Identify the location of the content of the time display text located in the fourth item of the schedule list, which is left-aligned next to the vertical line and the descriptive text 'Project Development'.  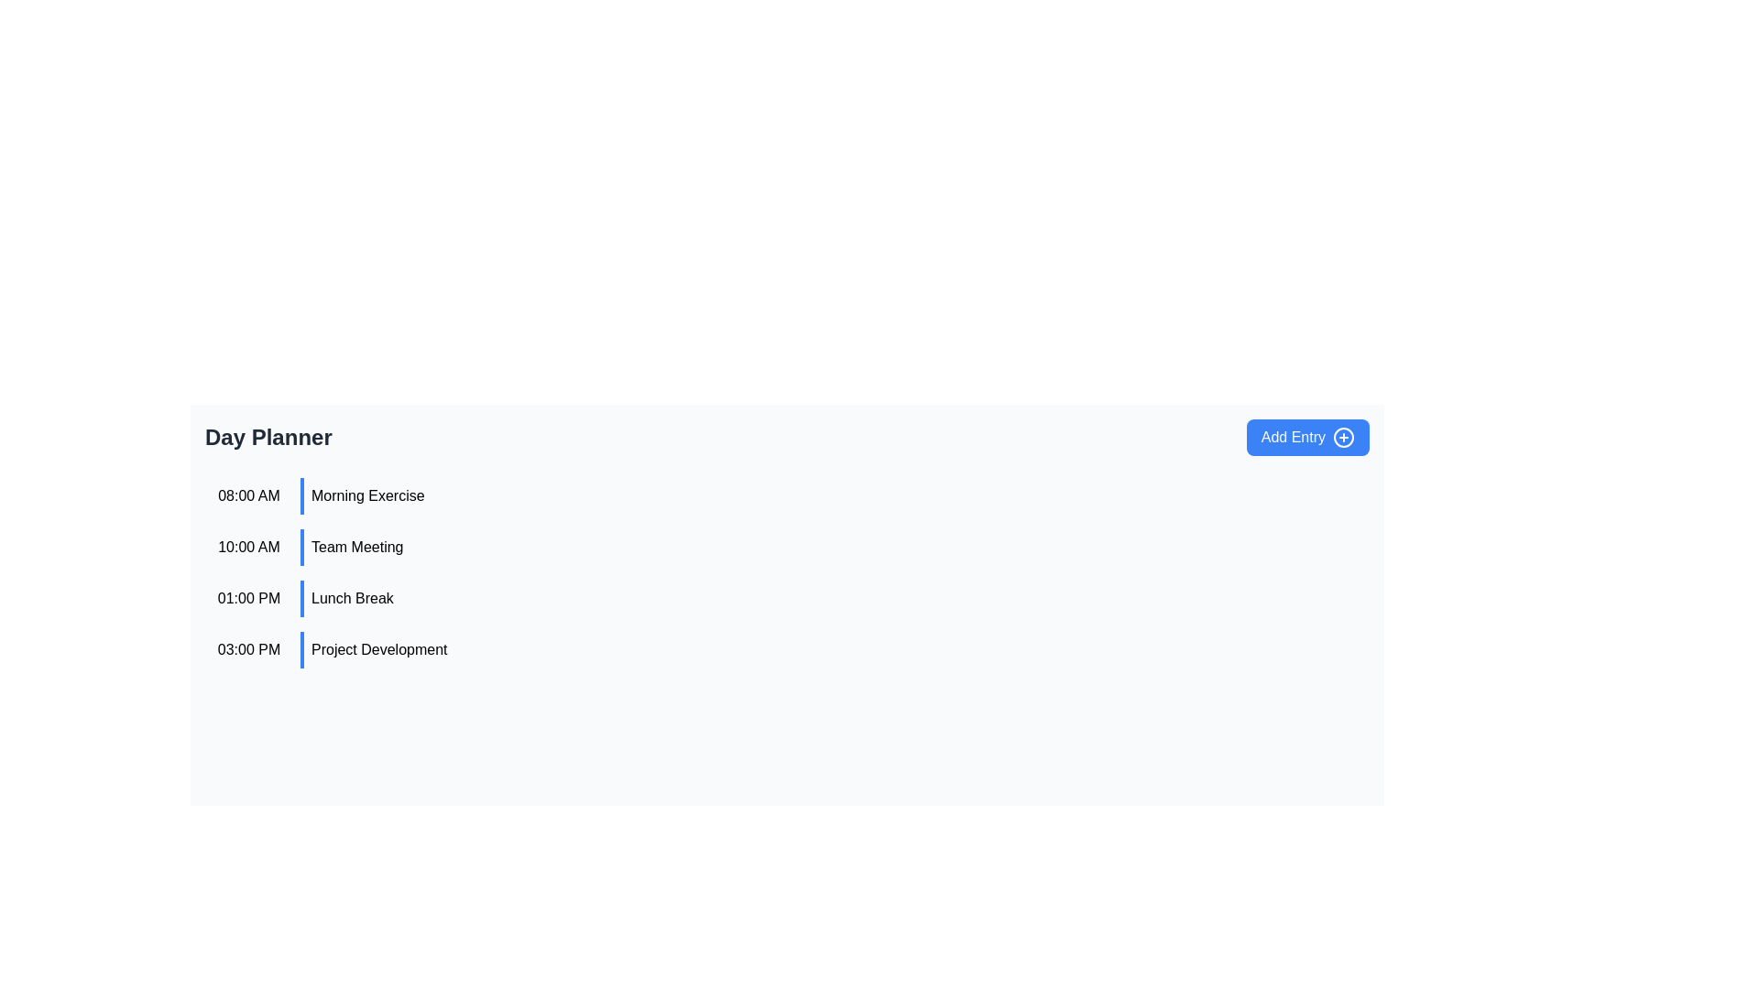
(248, 648).